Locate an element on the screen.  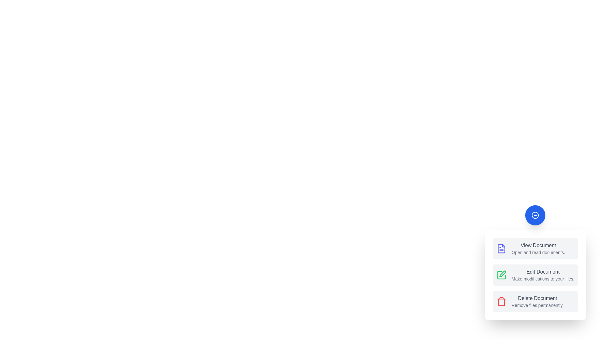
the menu option Edit Document from the speed dial menu is located at coordinates (535, 275).